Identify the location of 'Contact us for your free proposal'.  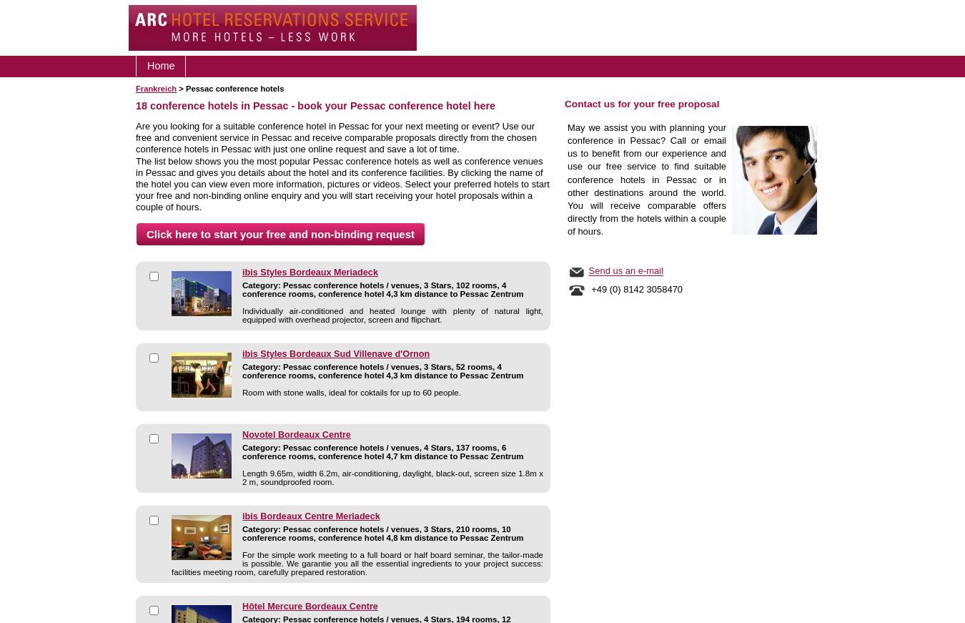
(642, 103).